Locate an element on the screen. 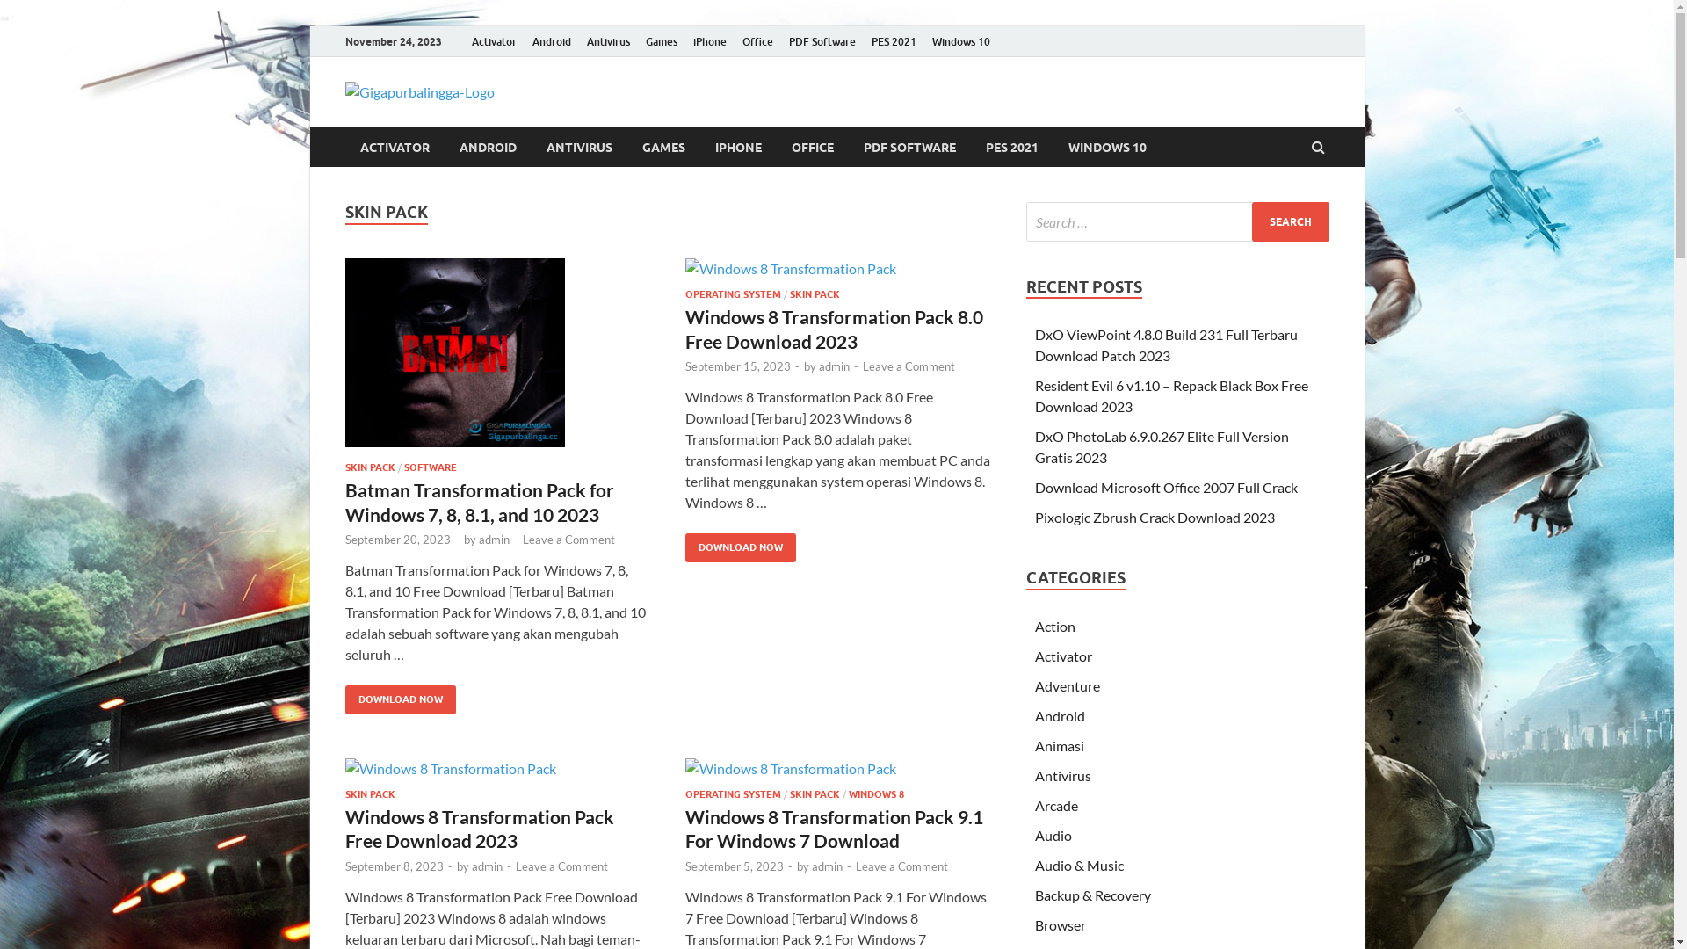 The image size is (1687, 949). 'Audio & Music' is located at coordinates (1034, 864).